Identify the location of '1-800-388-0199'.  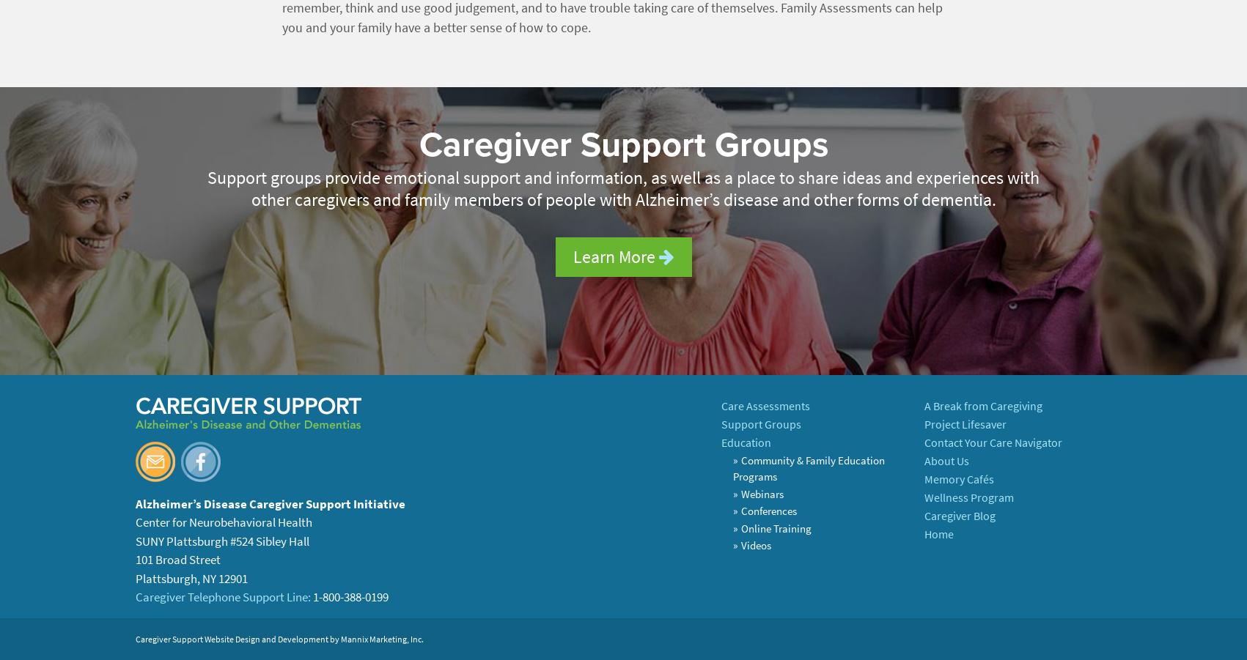
(349, 597).